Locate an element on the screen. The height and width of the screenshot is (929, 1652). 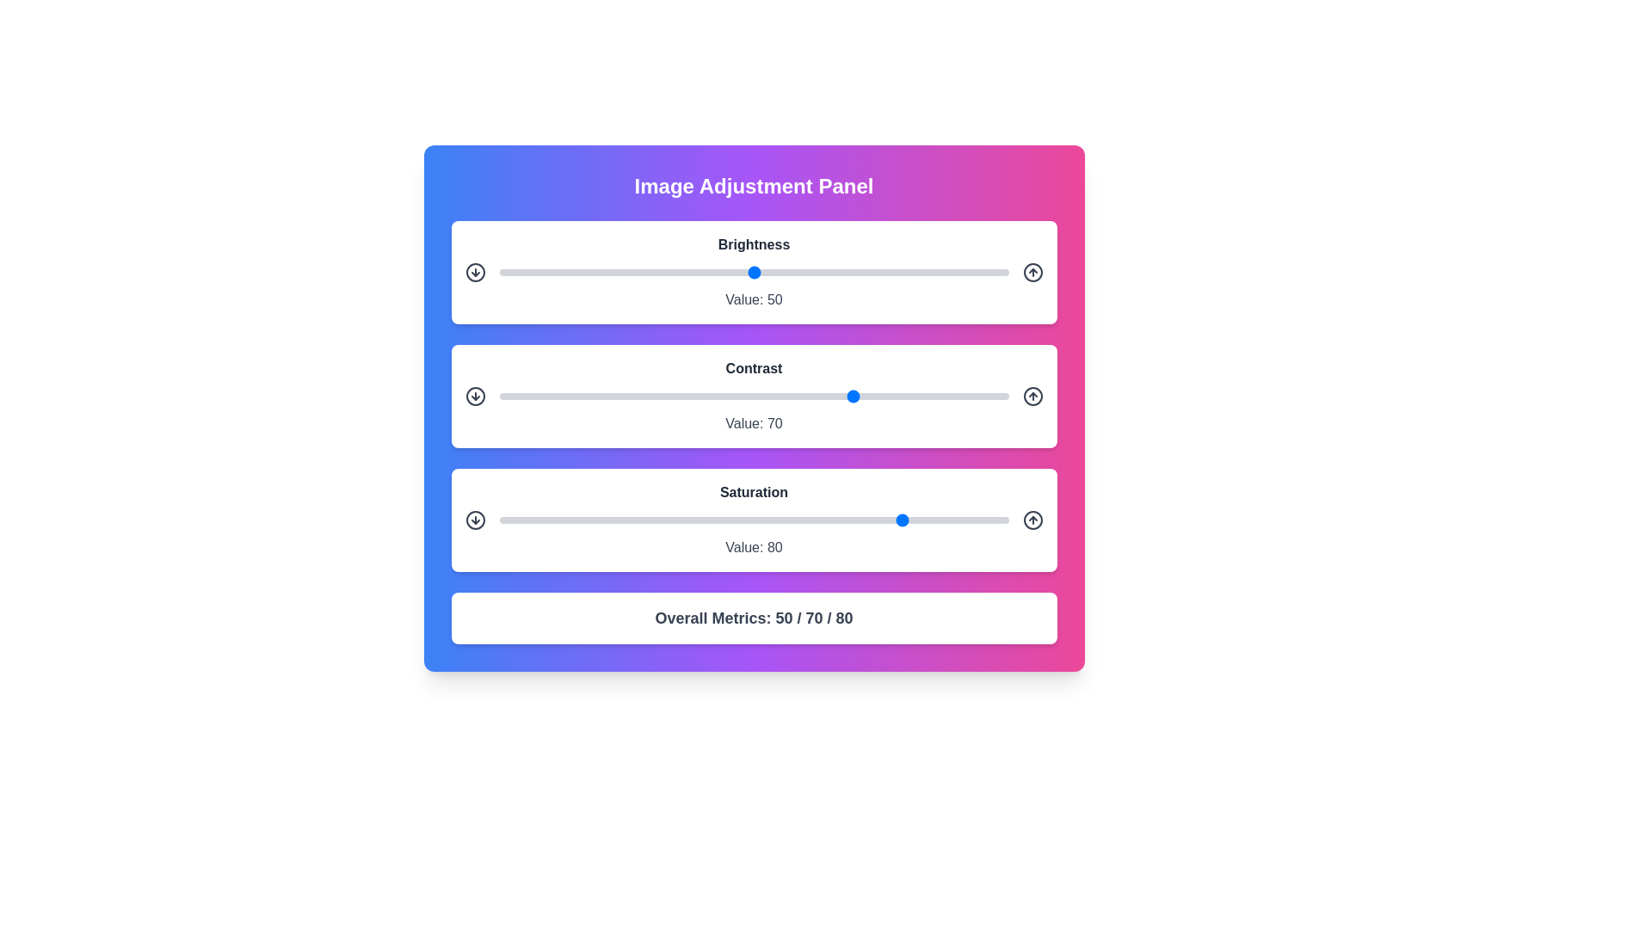
saturation is located at coordinates (503, 520).